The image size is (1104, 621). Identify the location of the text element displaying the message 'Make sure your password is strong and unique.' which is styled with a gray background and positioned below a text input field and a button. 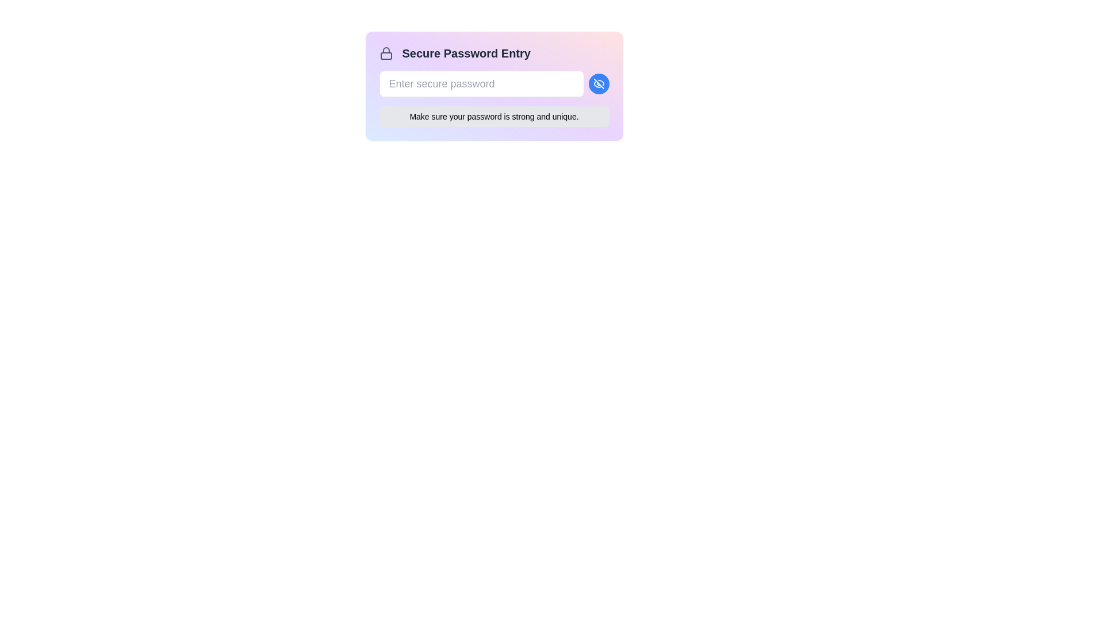
(494, 117).